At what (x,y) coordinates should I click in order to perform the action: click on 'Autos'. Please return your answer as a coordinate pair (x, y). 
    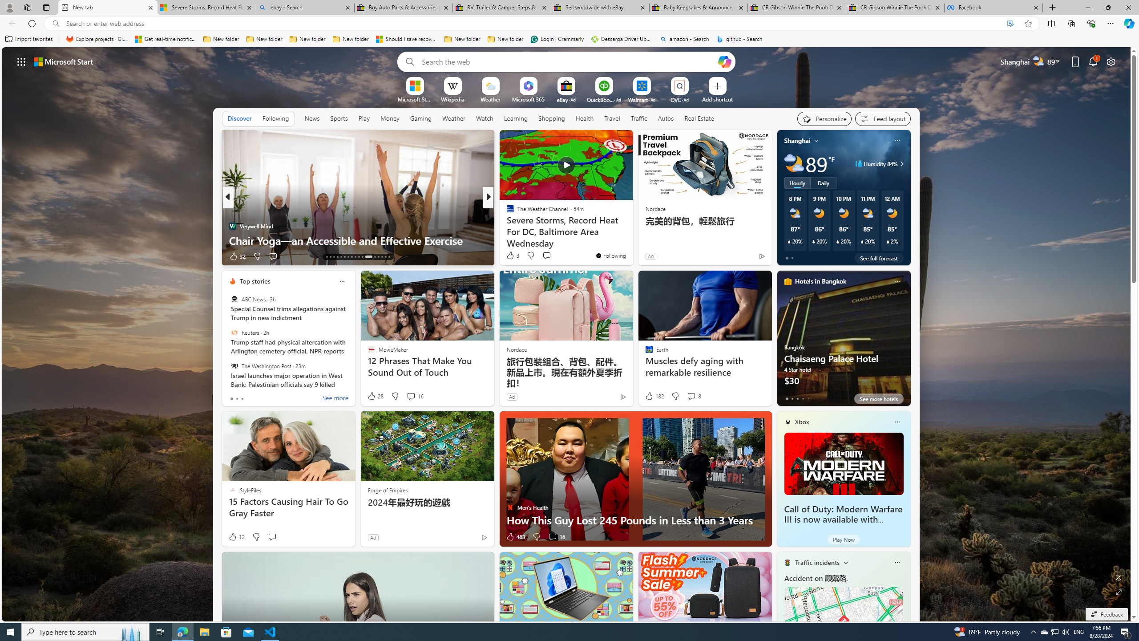
    Looking at the image, I should click on (666, 118).